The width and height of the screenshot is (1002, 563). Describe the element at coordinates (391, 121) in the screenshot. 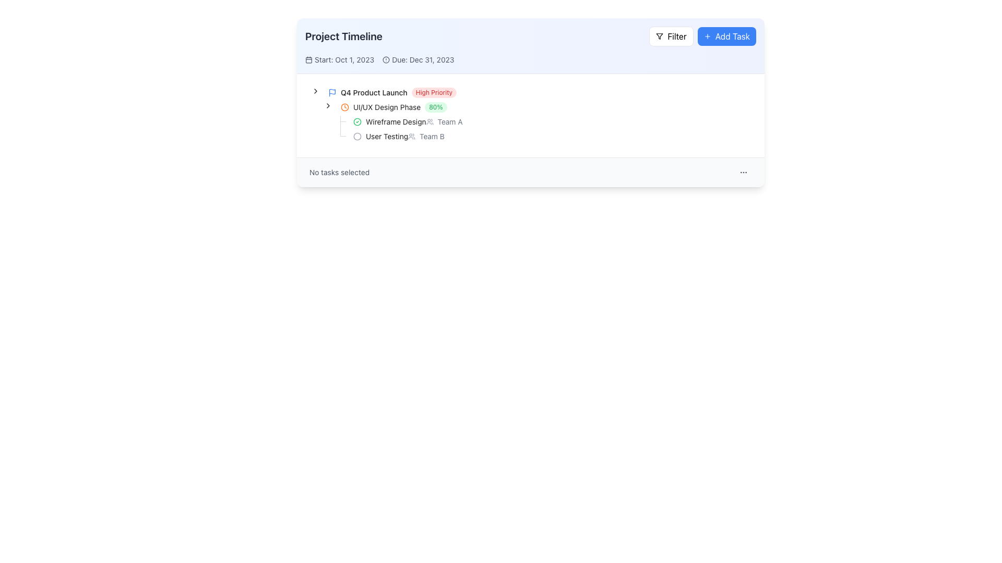

I see `on the Tree view item named 'Wireframe Design Team A'` at that location.